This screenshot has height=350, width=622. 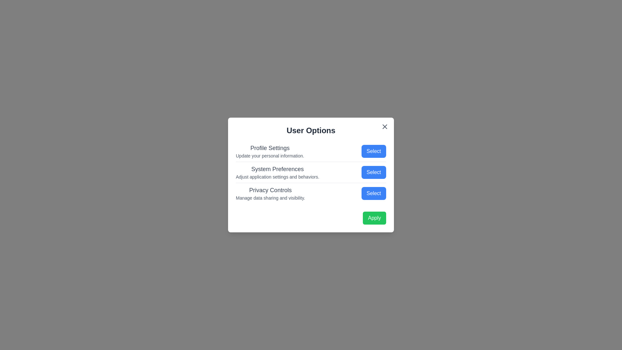 I want to click on 'Select' button corresponding to the Privacy Controls option, so click(x=374, y=193).